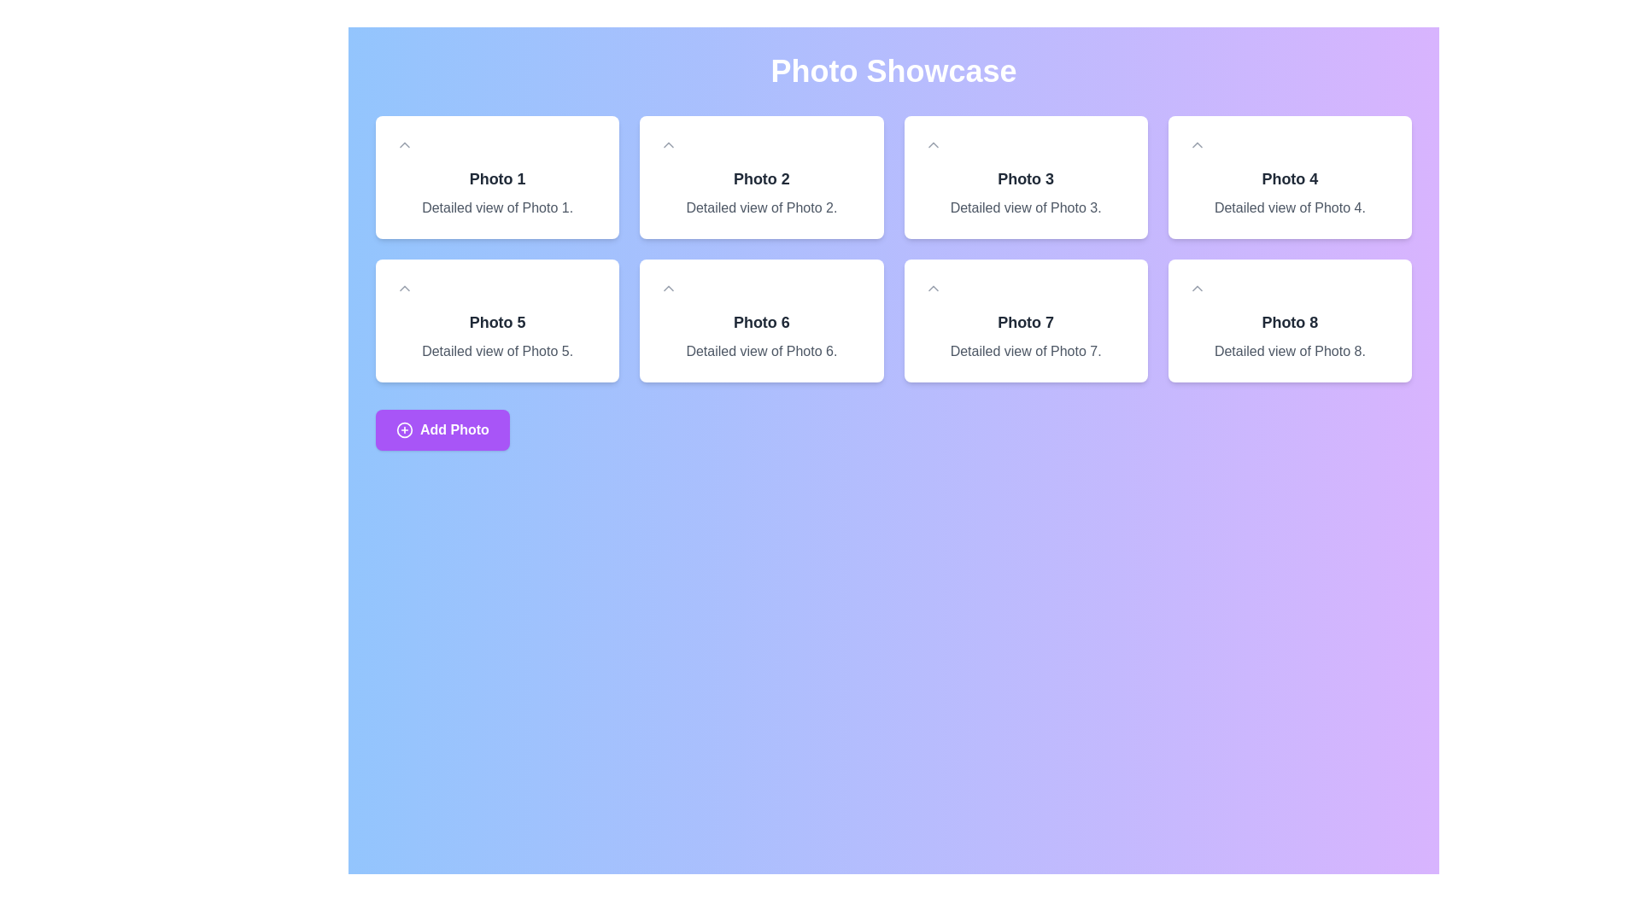 This screenshot has height=922, width=1640. What do you see at coordinates (1290, 207) in the screenshot?
I see `the text label located at the bottom of the 'Photo 4' card in the first row, fourth column of the grid layout` at bounding box center [1290, 207].